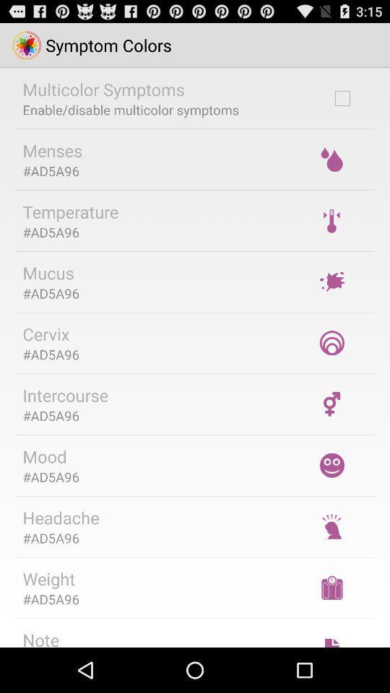 This screenshot has height=693, width=390. I want to click on item above the #ad5a96 icon, so click(48, 578).